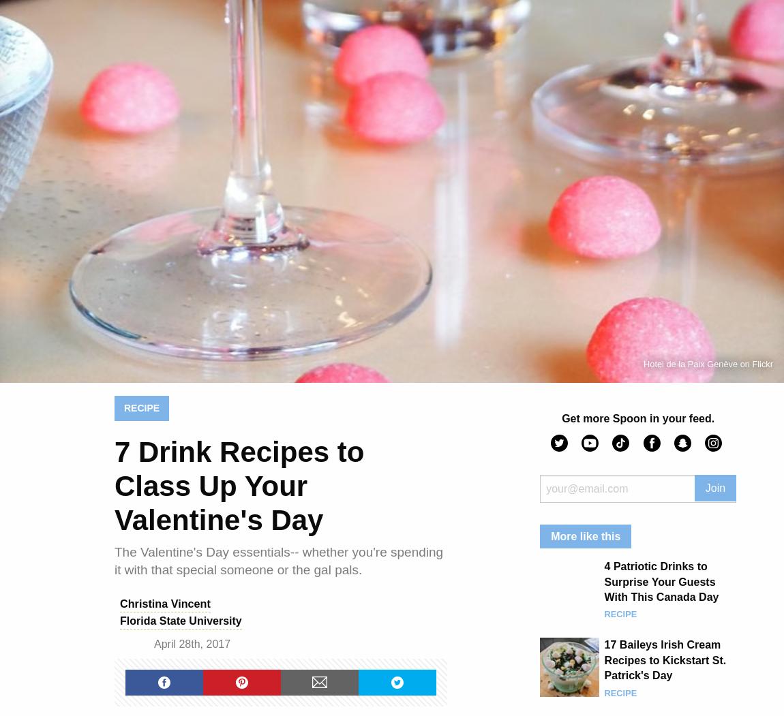 This screenshot has height=716, width=784. What do you see at coordinates (114, 561) in the screenshot?
I see `'The Valentine's Day essentials-- whether you're spending it with that special someone or the gal pals.'` at bounding box center [114, 561].